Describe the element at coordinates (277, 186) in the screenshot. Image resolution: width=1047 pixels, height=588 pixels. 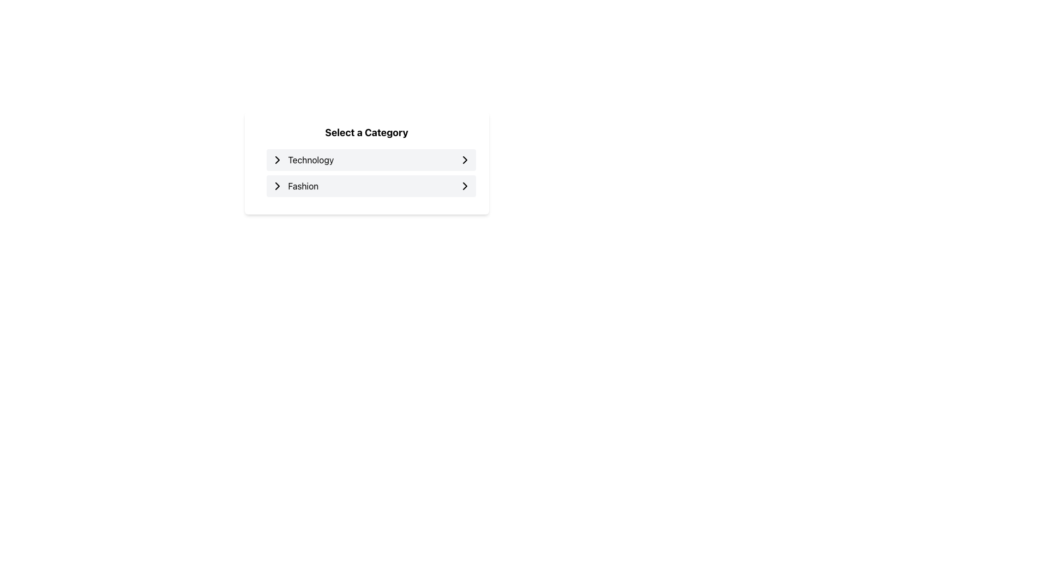
I see `the right-chevron icon for navigation, which is positioned slightly to the right of the 'Fashion' text in the category list` at that location.